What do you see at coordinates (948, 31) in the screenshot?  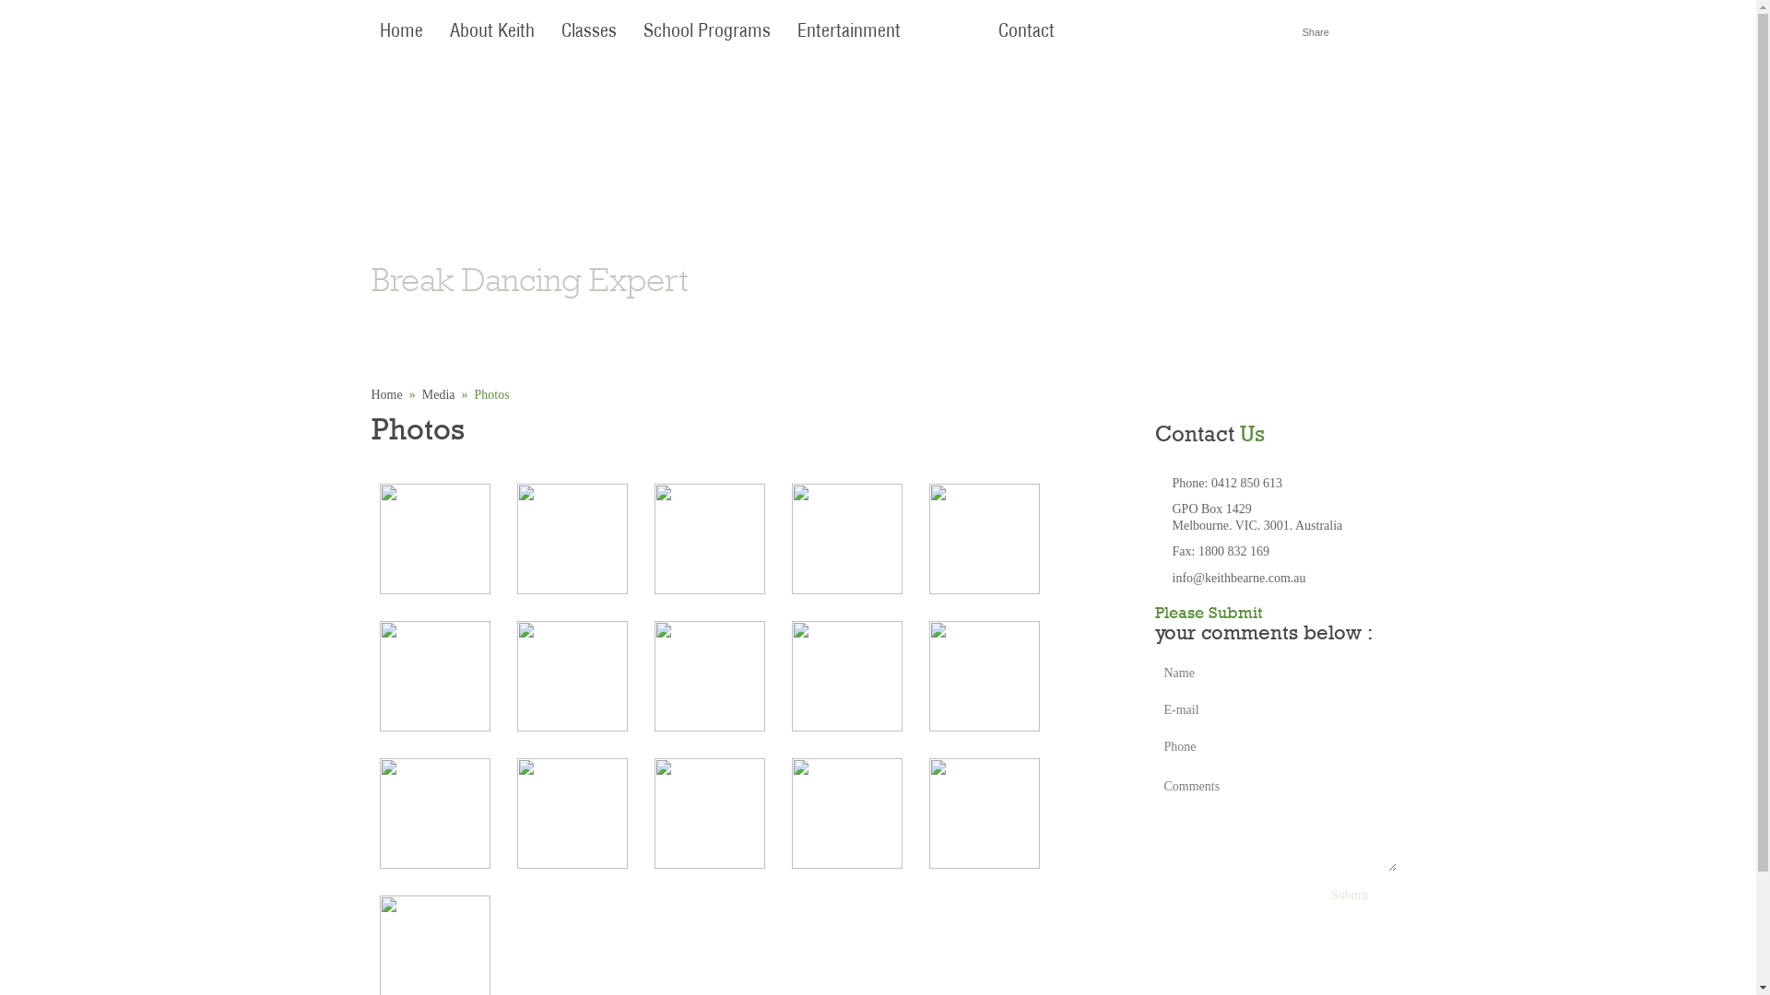 I see `'Media'` at bounding box center [948, 31].